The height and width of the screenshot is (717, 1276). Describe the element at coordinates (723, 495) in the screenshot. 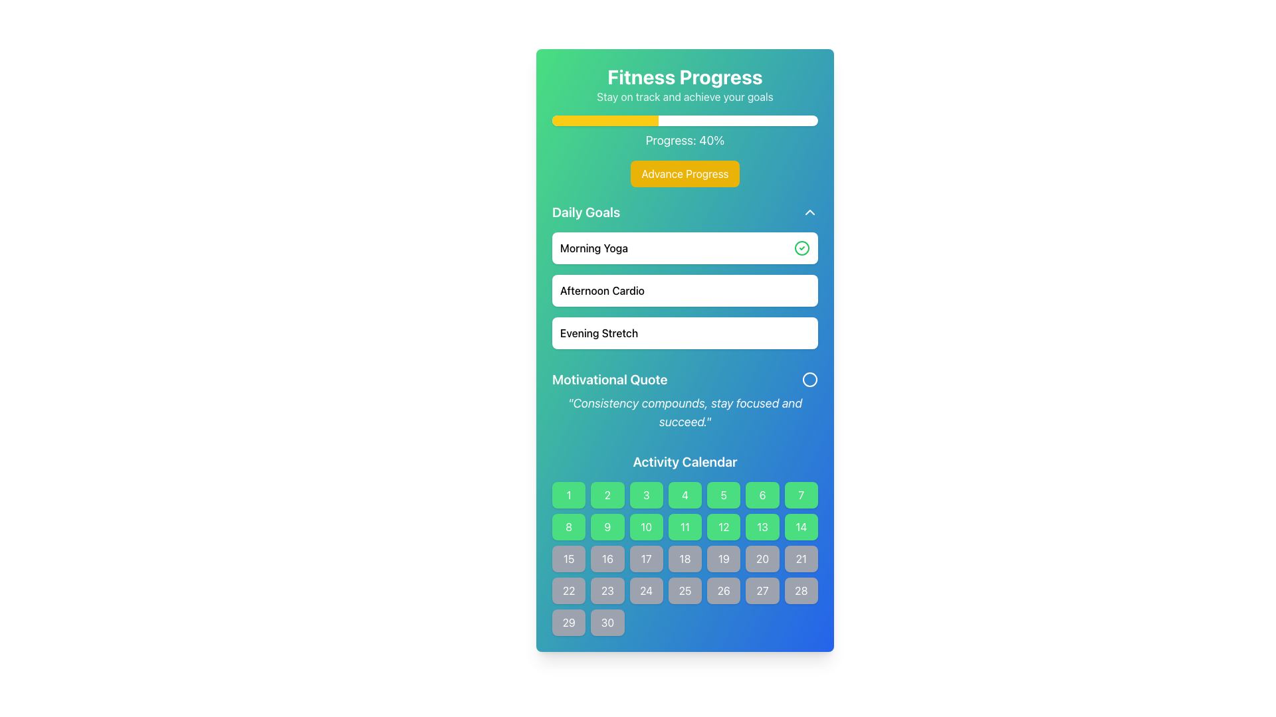

I see `the fifth day cell` at that location.